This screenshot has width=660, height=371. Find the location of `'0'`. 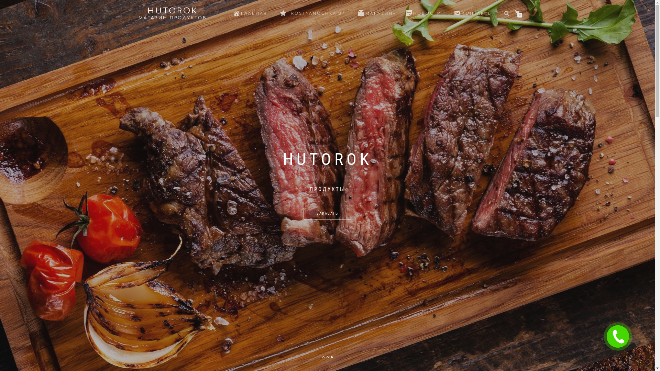

'0' is located at coordinates (518, 12).